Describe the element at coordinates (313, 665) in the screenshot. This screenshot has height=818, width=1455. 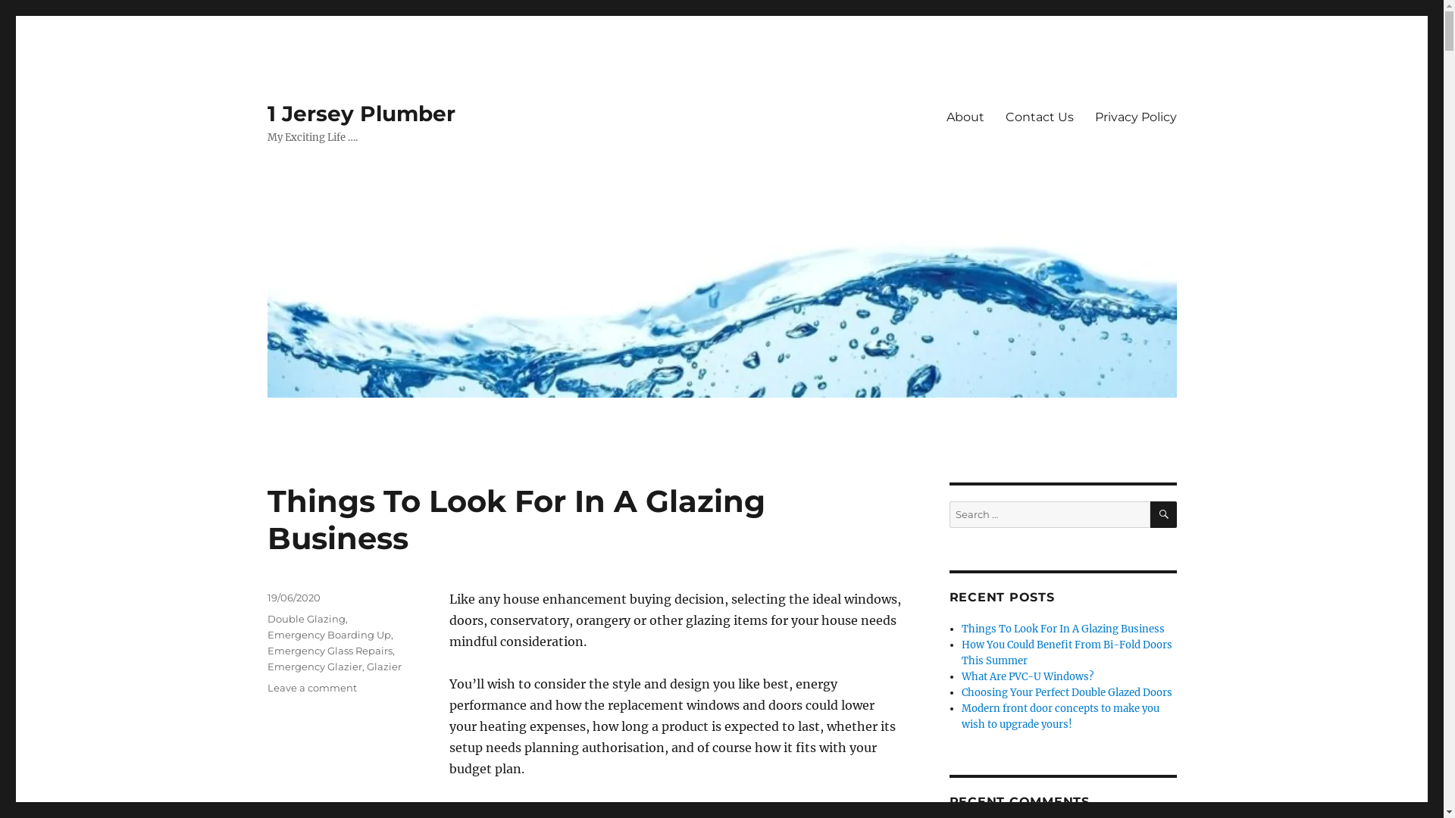
I see `'Emergency Glazier'` at that location.